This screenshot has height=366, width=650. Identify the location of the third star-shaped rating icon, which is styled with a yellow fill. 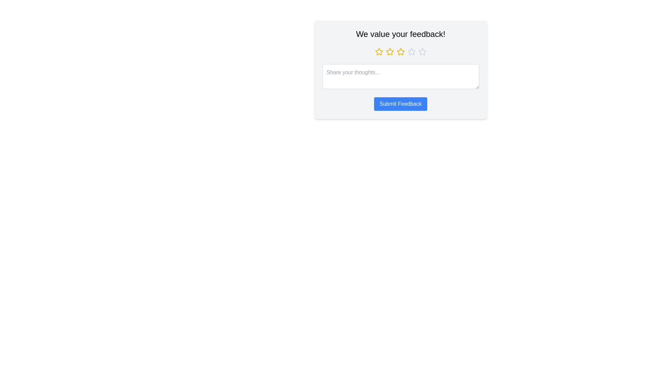
(390, 52).